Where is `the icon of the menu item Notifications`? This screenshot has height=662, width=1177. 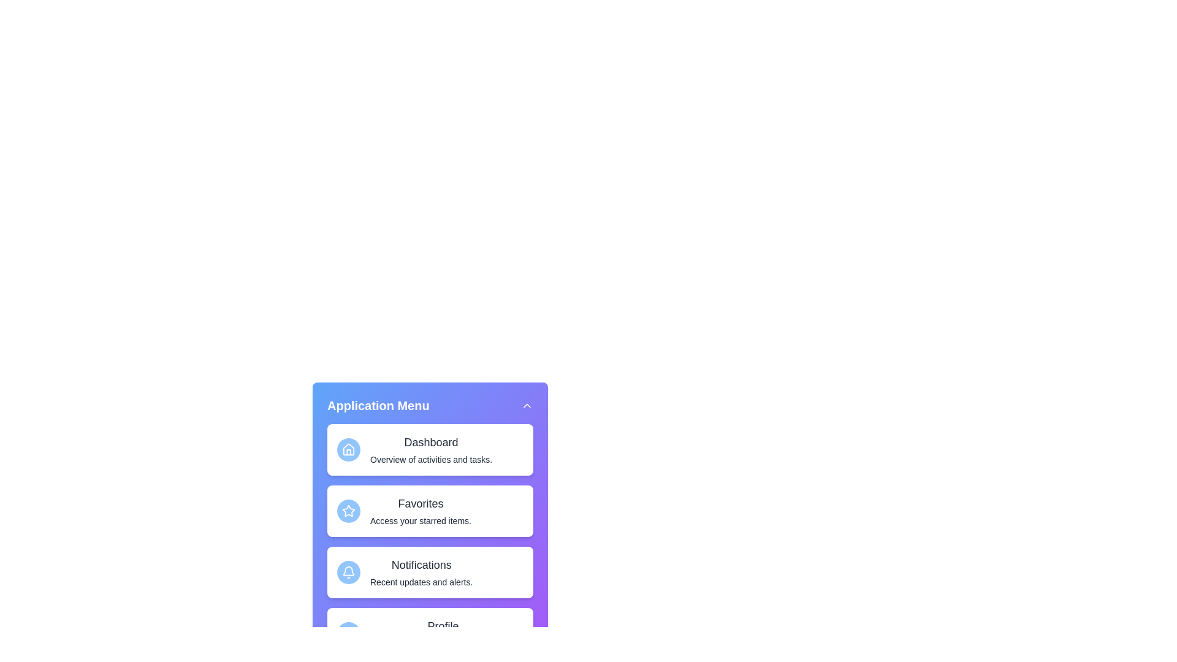
the icon of the menu item Notifications is located at coordinates (348, 572).